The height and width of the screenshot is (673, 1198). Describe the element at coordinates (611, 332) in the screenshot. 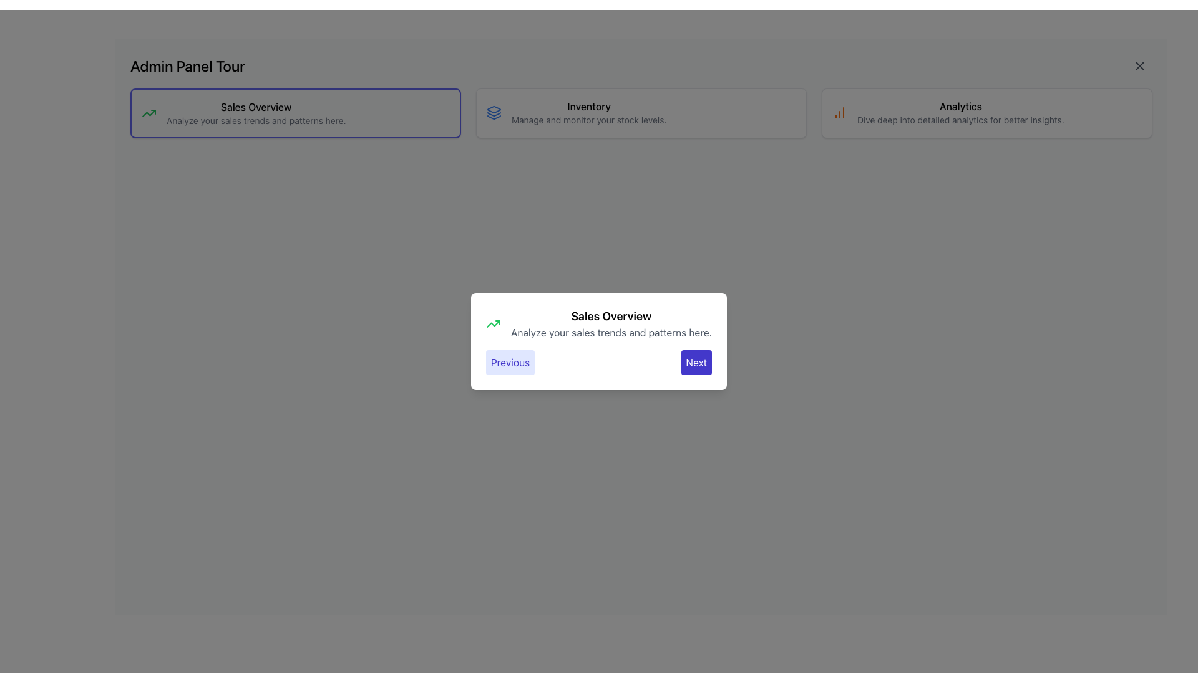

I see `the informational text label that provides context for the 'Sales Overview' title in the modal dialog` at that location.